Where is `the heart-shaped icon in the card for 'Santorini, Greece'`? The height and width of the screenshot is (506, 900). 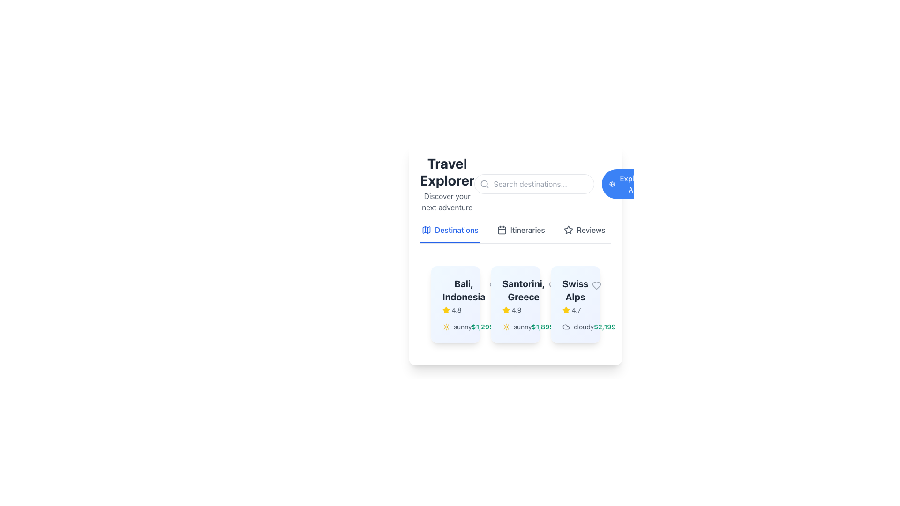 the heart-shaped icon in the card for 'Santorini, Greece' is located at coordinates (493, 285).